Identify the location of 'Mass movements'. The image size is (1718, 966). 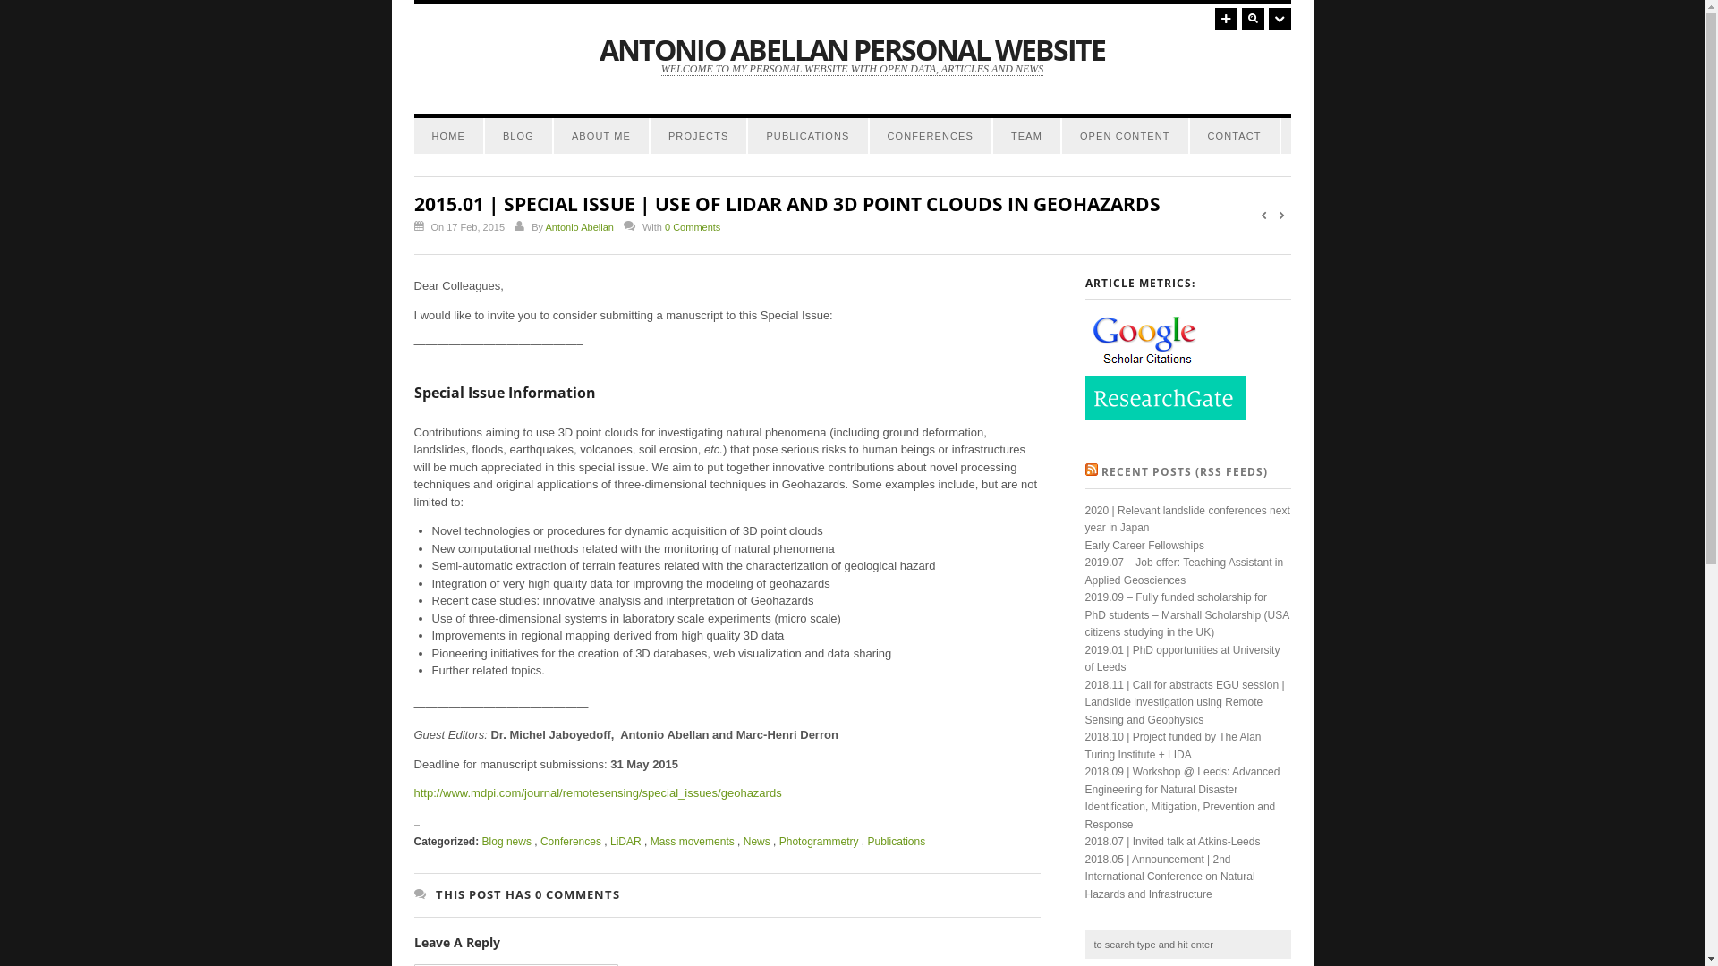
(649, 842).